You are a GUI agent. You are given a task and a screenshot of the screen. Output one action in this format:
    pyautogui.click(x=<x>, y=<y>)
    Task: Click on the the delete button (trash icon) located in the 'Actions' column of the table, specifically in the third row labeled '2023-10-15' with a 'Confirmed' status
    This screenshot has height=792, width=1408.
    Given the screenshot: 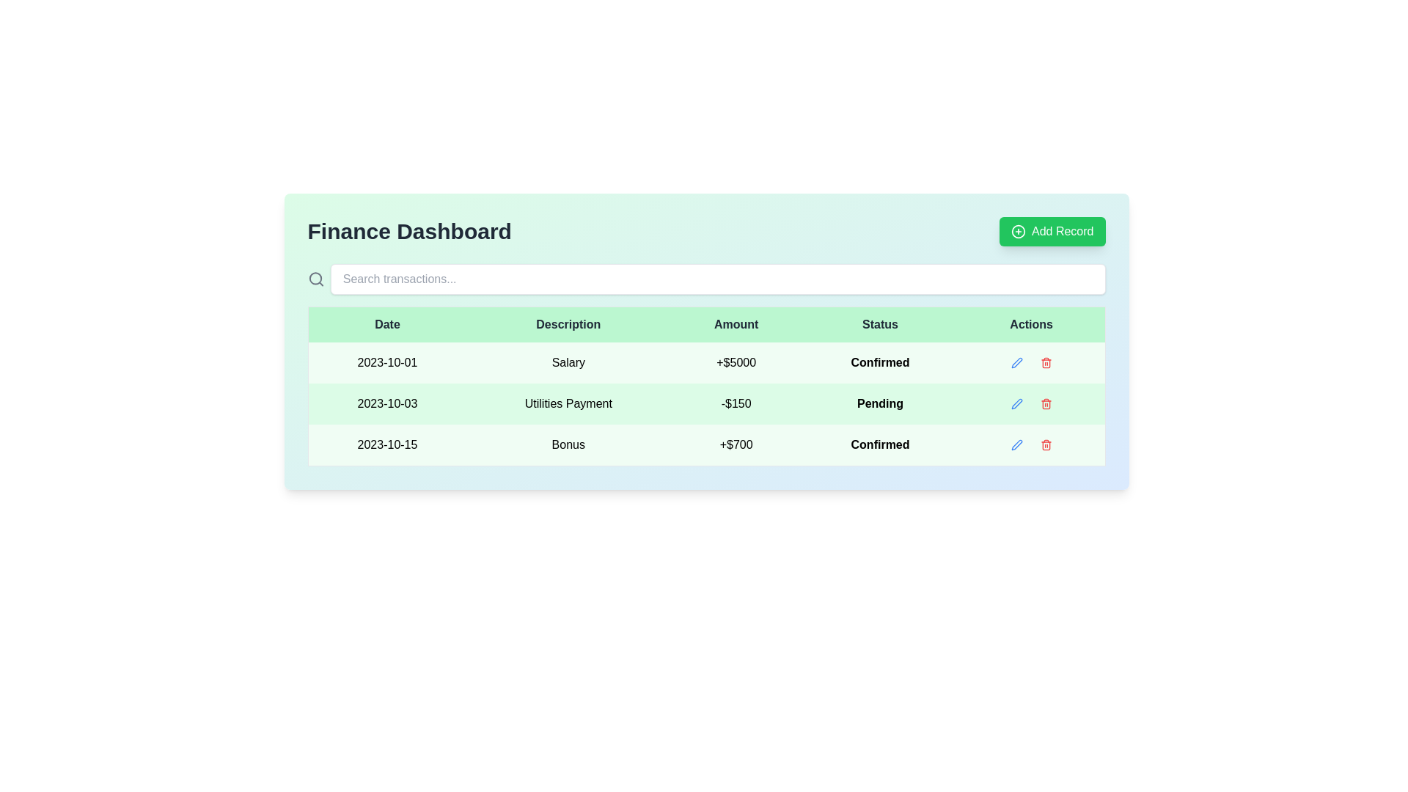 What is the action you would take?
    pyautogui.click(x=1045, y=444)
    